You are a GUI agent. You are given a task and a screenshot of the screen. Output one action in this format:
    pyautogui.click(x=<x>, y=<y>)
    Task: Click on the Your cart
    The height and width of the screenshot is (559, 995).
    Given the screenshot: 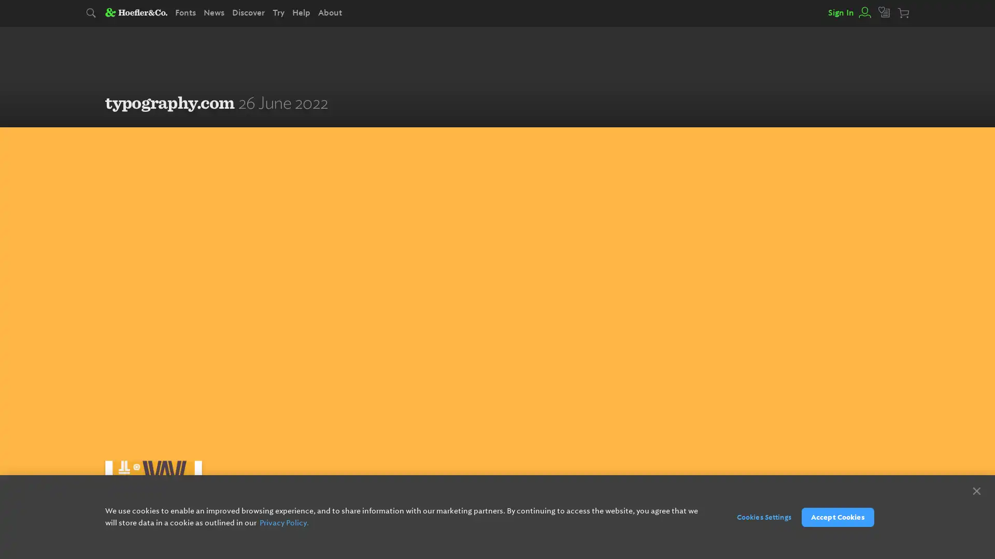 What is the action you would take?
    pyautogui.click(x=904, y=13)
    